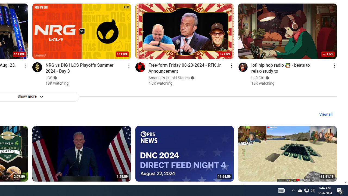 Image resolution: width=348 pixels, height=196 pixels. What do you see at coordinates (258, 78) in the screenshot?
I see `'Lofi Girl'` at bounding box center [258, 78].